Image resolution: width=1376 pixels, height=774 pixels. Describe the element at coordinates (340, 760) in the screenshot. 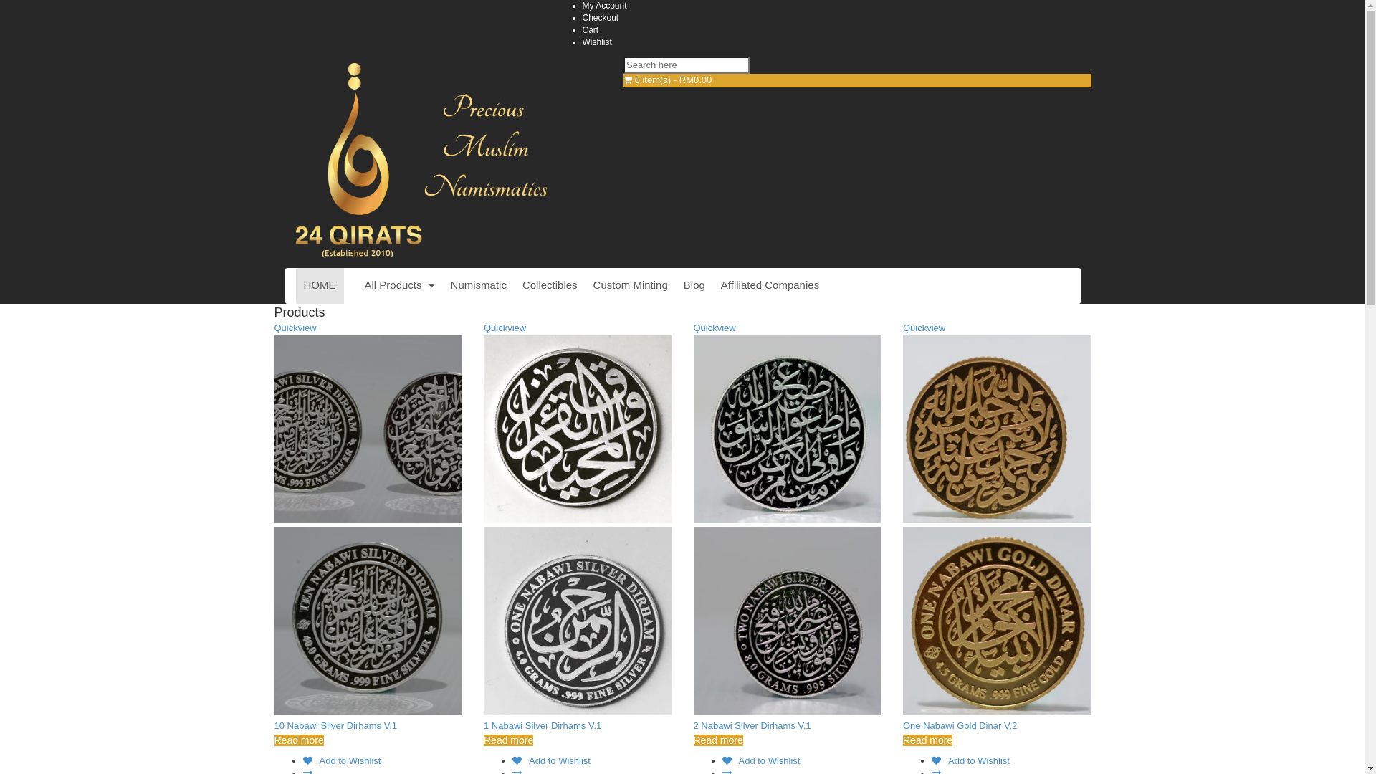

I see `'Add to Wishlist'` at that location.